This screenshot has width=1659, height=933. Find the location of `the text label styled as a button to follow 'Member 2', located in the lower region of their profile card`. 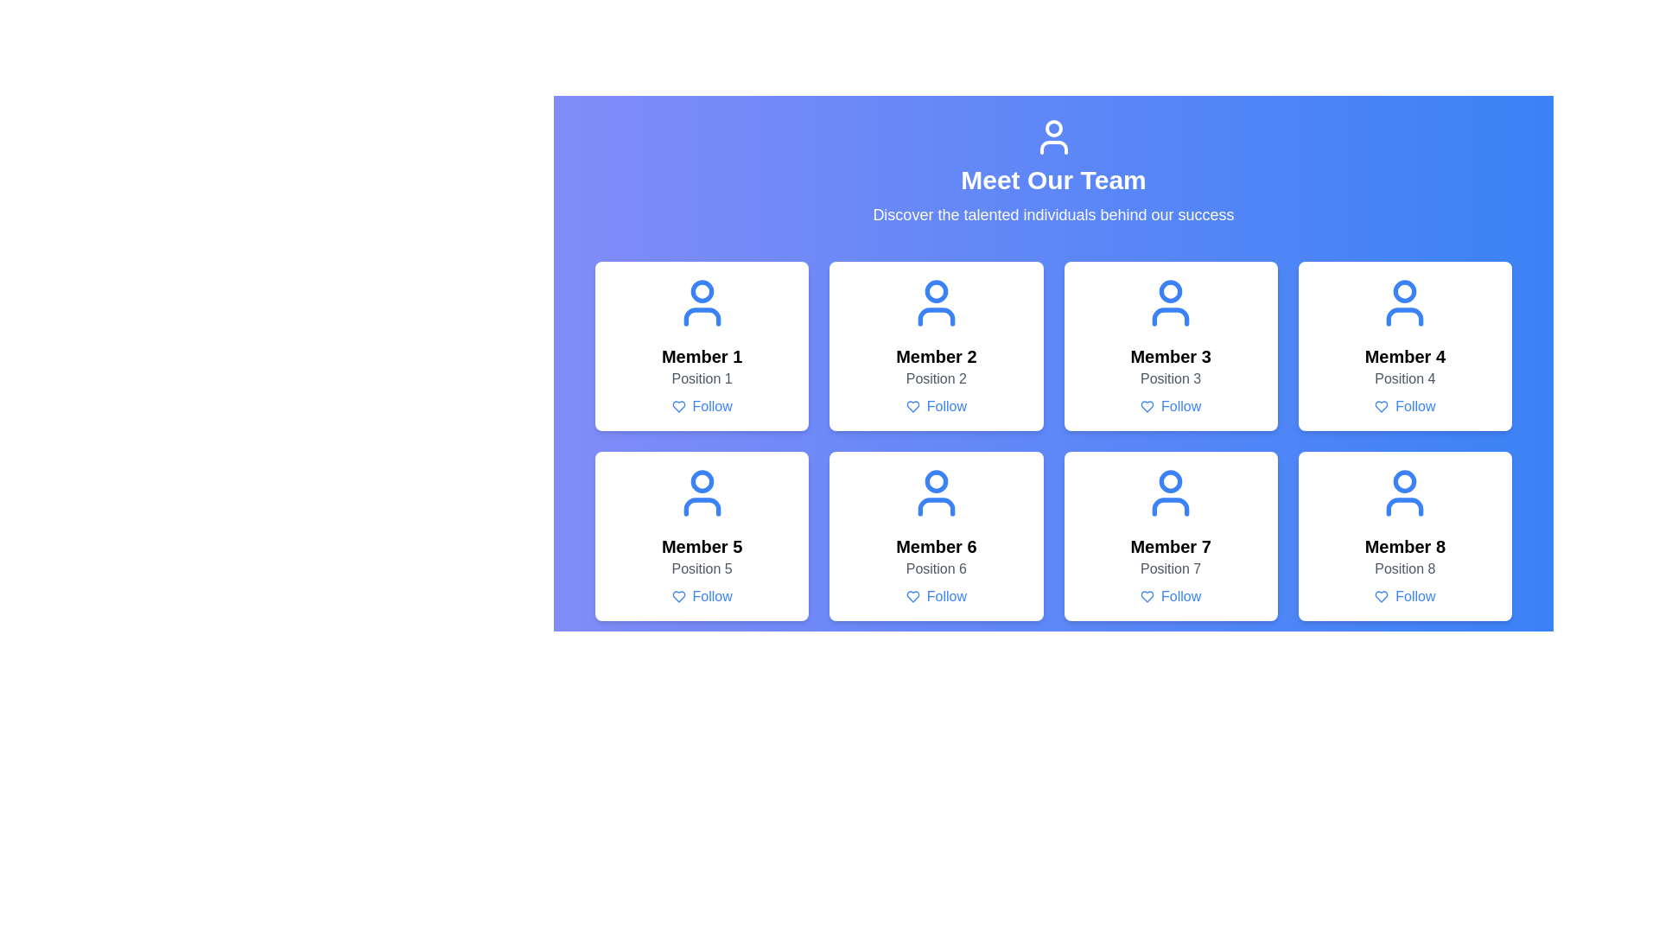

the text label styled as a button to follow 'Member 2', located in the lower region of their profile card is located at coordinates (945, 406).